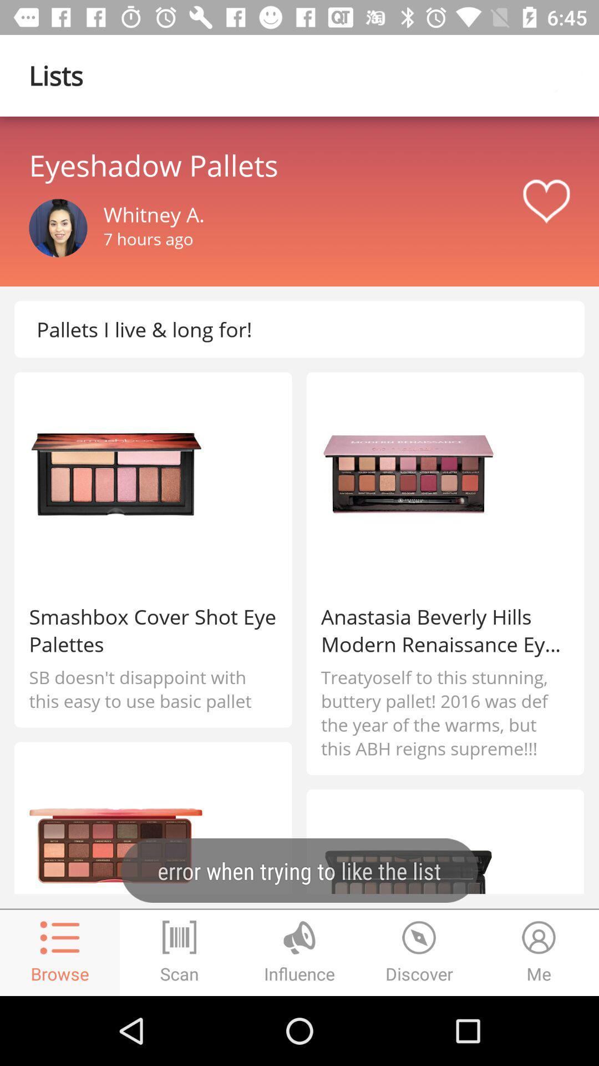 Image resolution: width=599 pixels, height=1066 pixels. Describe the element at coordinates (58, 228) in the screenshot. I see `profile image` at that location.